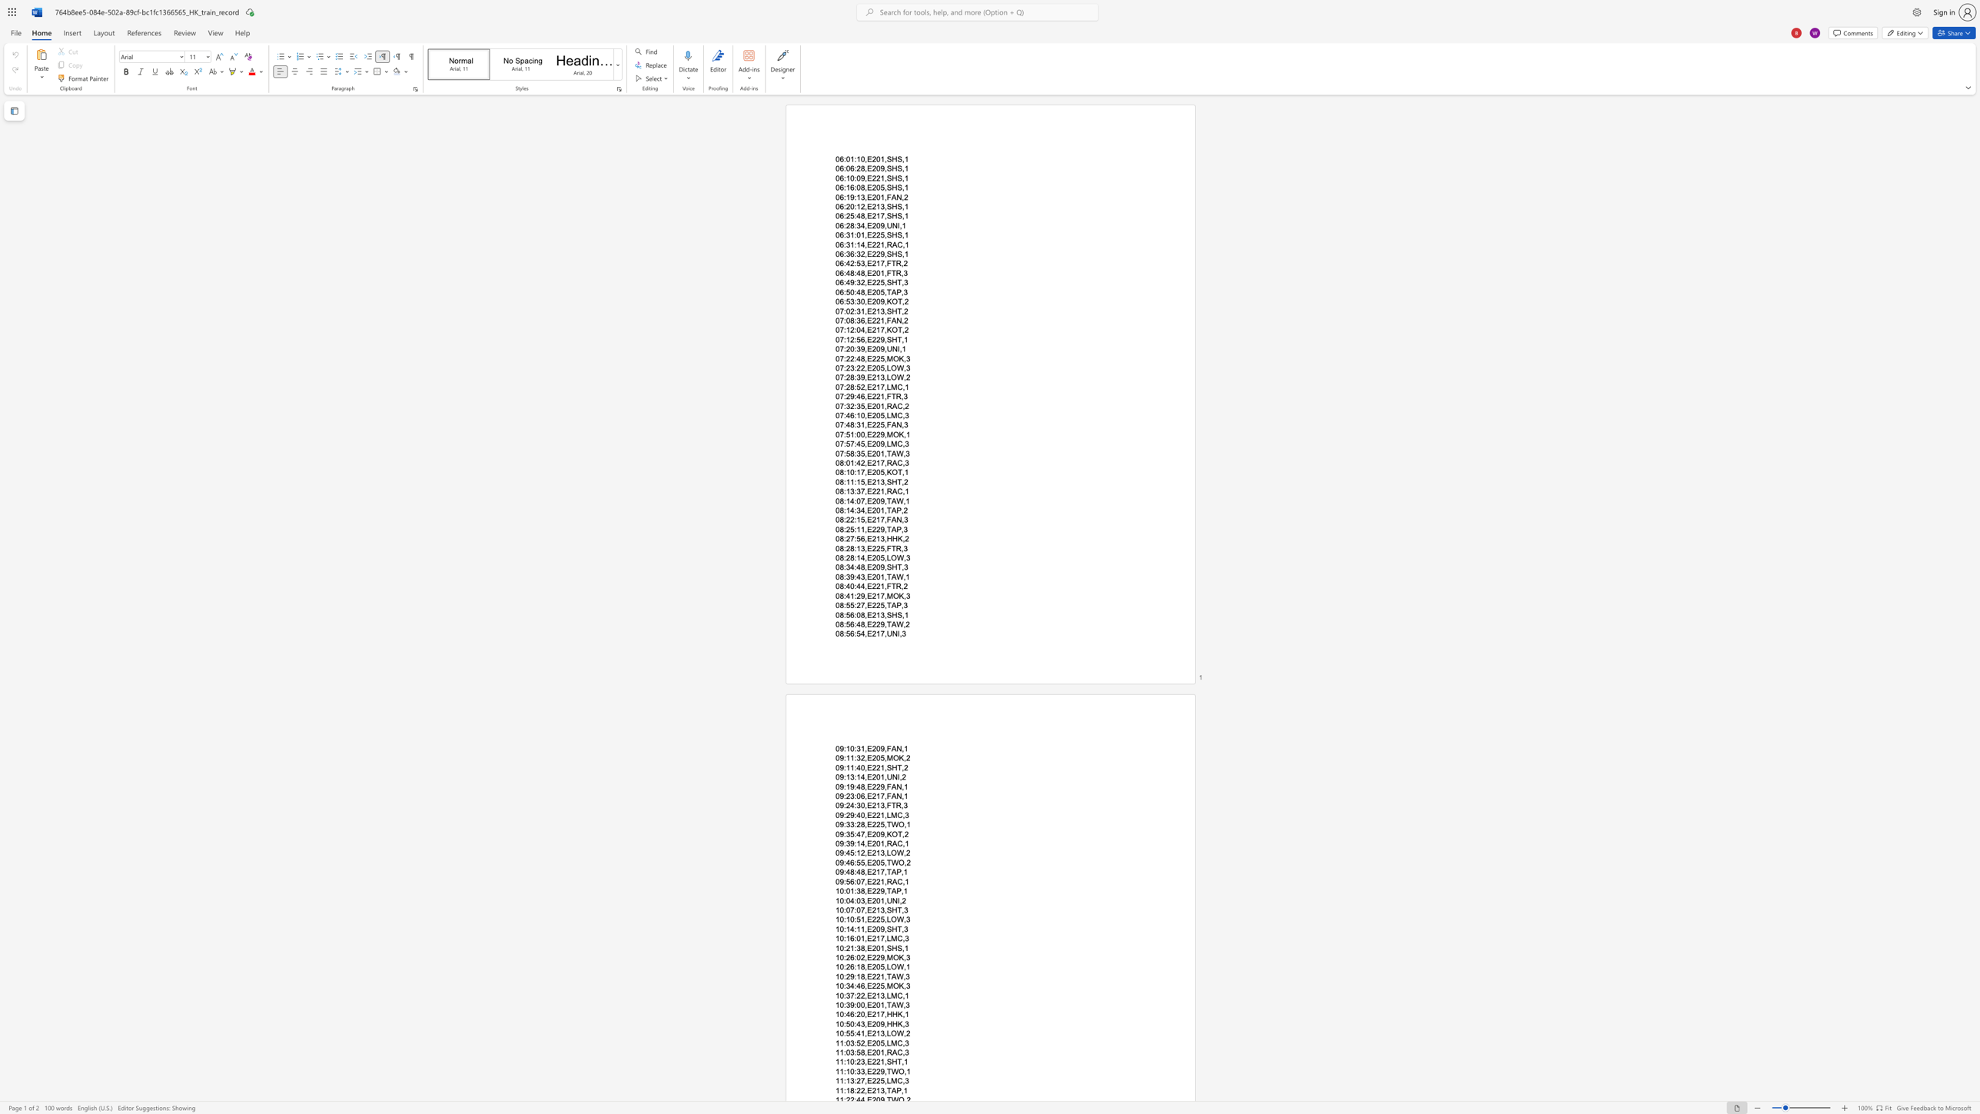 Image resolution: width=1980 pixels, height=1114 pixels. I want to click on the space between the continuous character "," and "2" in the text, so click(904, 301).